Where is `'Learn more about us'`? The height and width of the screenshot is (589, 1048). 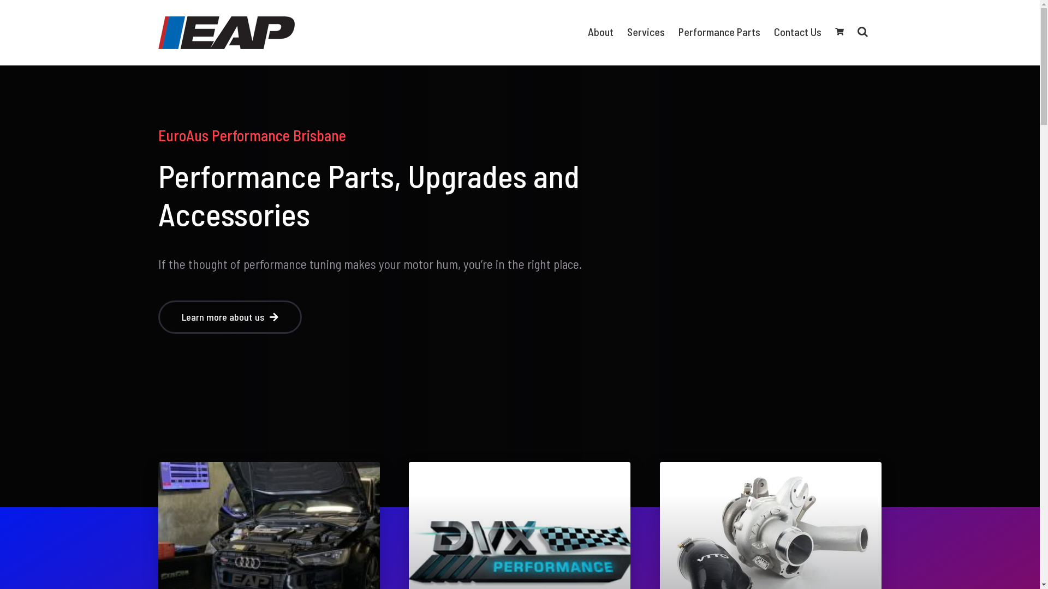 'Learn more about us' is located at coordinates (157, 317).